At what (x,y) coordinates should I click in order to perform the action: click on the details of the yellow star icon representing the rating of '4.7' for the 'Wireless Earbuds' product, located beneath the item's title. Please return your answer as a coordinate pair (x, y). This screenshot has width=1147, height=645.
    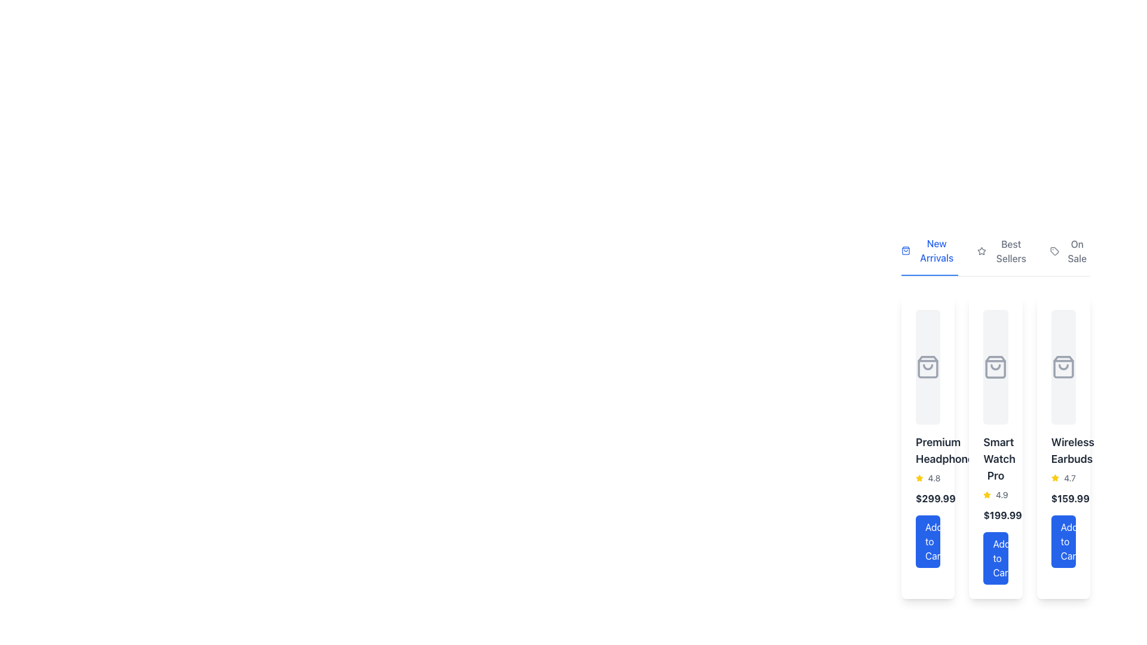
    Looking at the image, I should click on (1063, 478).